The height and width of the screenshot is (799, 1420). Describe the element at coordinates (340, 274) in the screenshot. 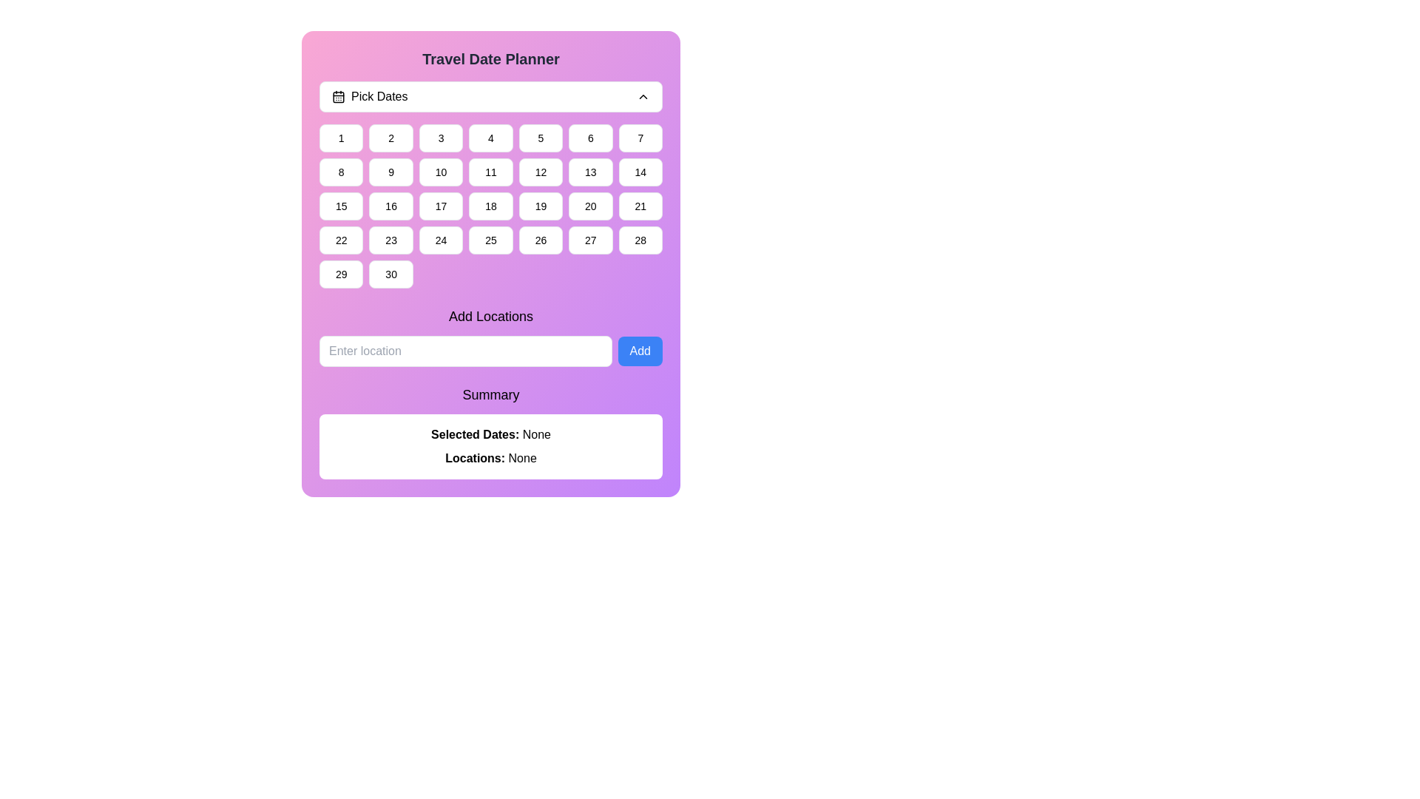

I see `the square button with a white background and black text displaying the number '29'` at that location.